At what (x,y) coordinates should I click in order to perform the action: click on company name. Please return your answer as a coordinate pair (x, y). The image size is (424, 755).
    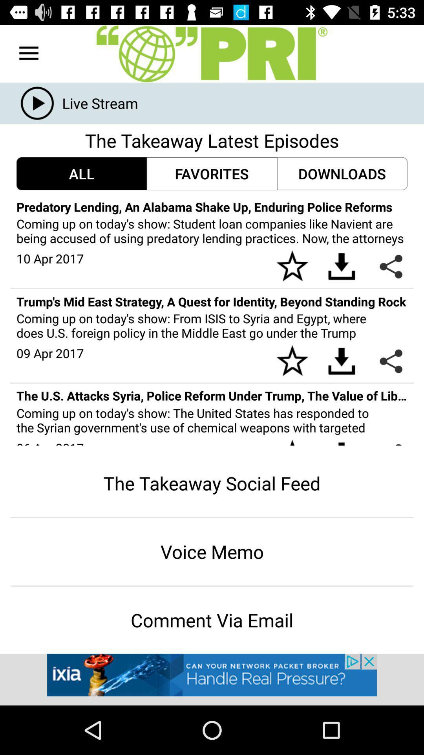
    Looking at the image, I should click on (212, 53).